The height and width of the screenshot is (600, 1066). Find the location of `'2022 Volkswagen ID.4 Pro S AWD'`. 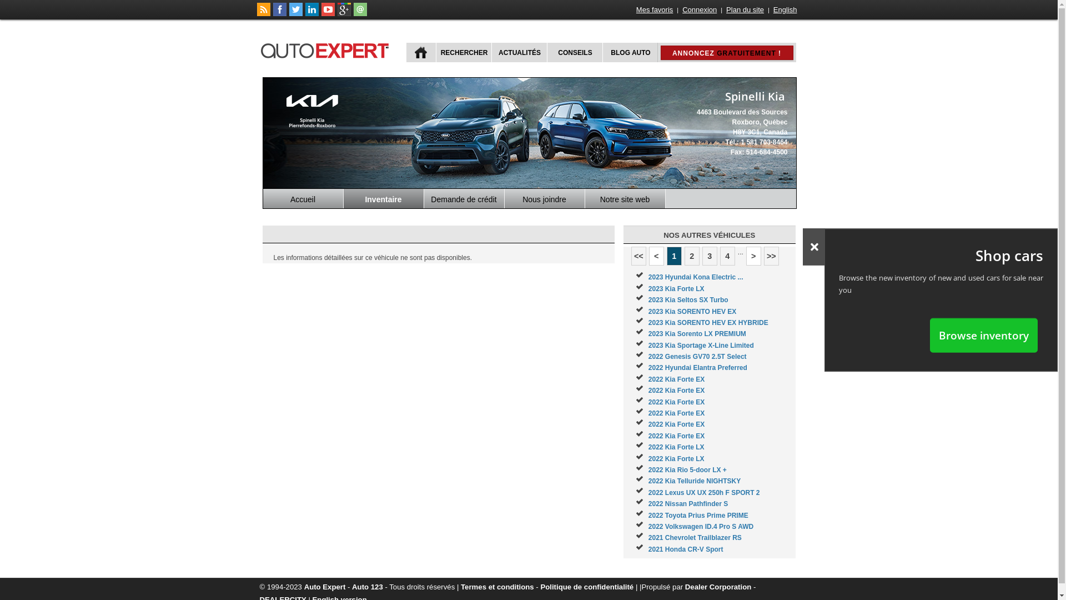

'2022 Volkswagen ID.4 Pro S AWD' is located at coordinates (700, 526).